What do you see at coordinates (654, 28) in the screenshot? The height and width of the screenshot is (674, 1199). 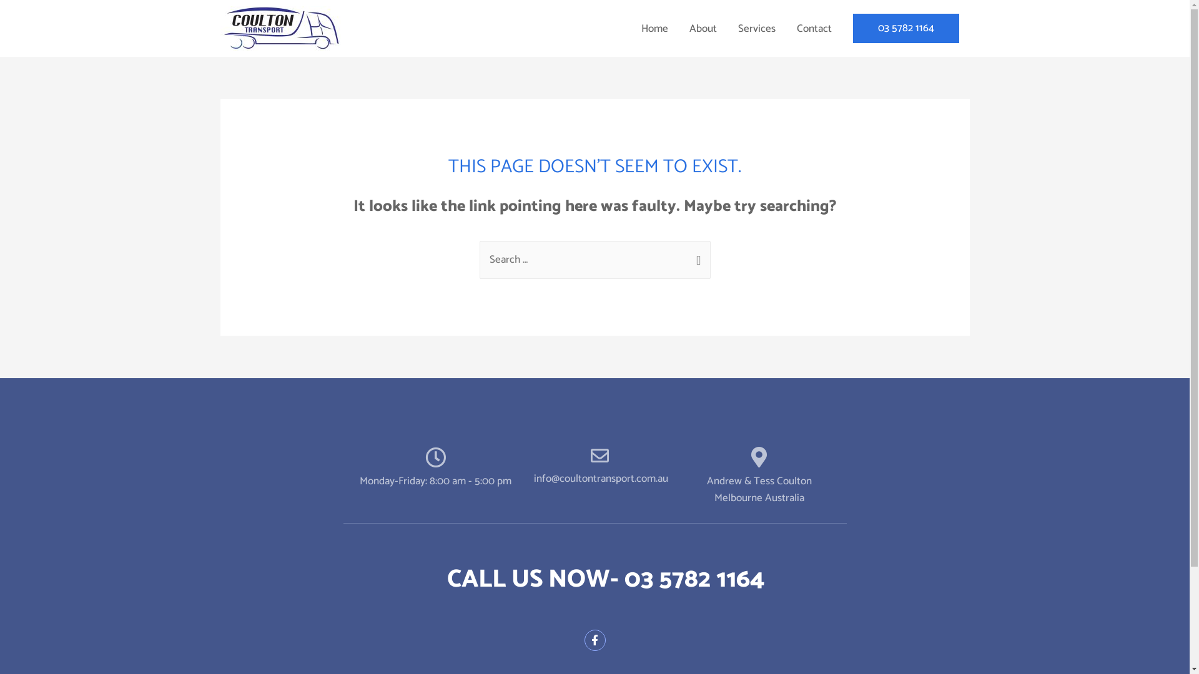 I see `'Home'` at bounding box center [654, 28].